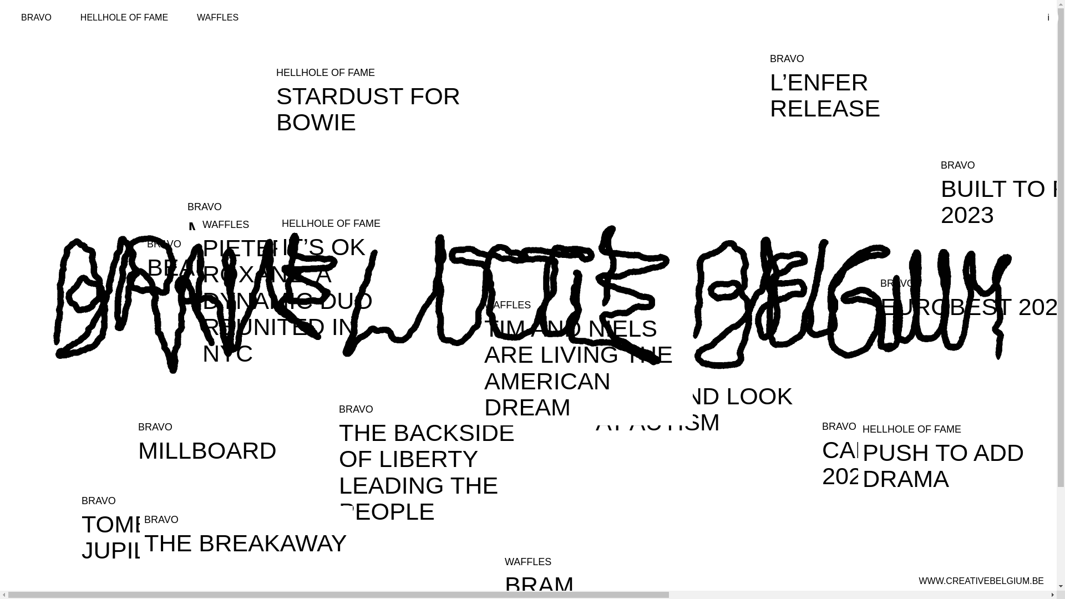 This screenshot has height=599, width=1065. What do you see at coordinates (378, 99) in the screenshot?
I see `'HELLHOLE OF FAME` at bounding box center [378, 99].